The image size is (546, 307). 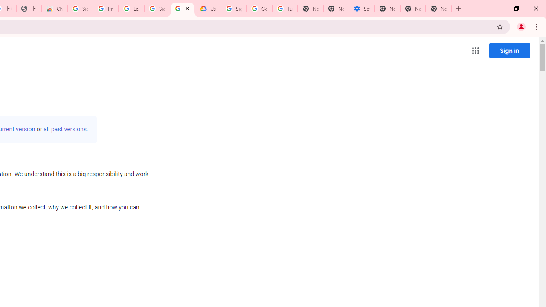 What do you see at coordinates (64, 129) in the screenshot?
I see `'all past versions'` at bounding box center [64, 129].